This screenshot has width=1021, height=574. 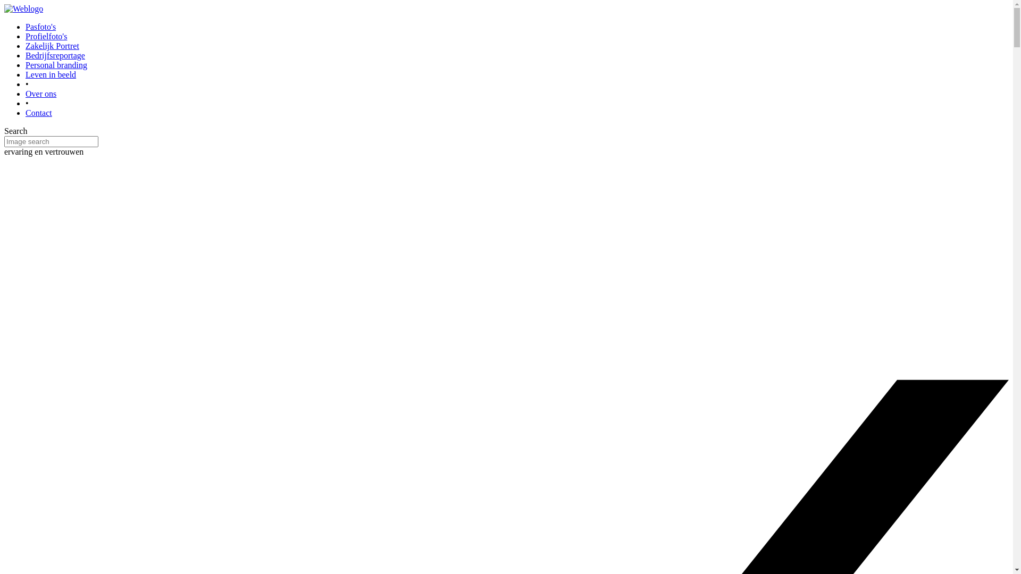 What do you see at coordinates (26, 74) in the screenshot?
I see `'Leven in beeld'` at bounding box center [26, 74].